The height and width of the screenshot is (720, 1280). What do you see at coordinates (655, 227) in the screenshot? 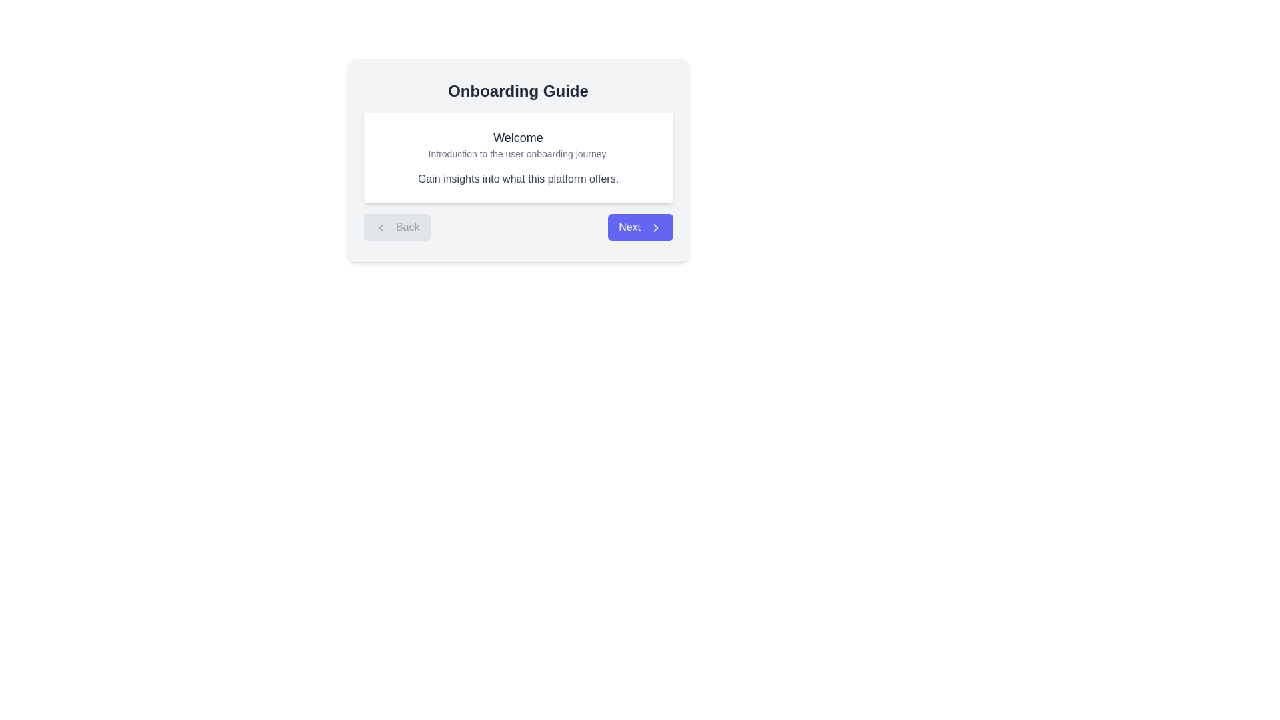
I see `the navigation direction icon located in the rightmost portion of the 'Next' button at the bottom-right section of the onboarding guide card` at bounding box center [655, 227].